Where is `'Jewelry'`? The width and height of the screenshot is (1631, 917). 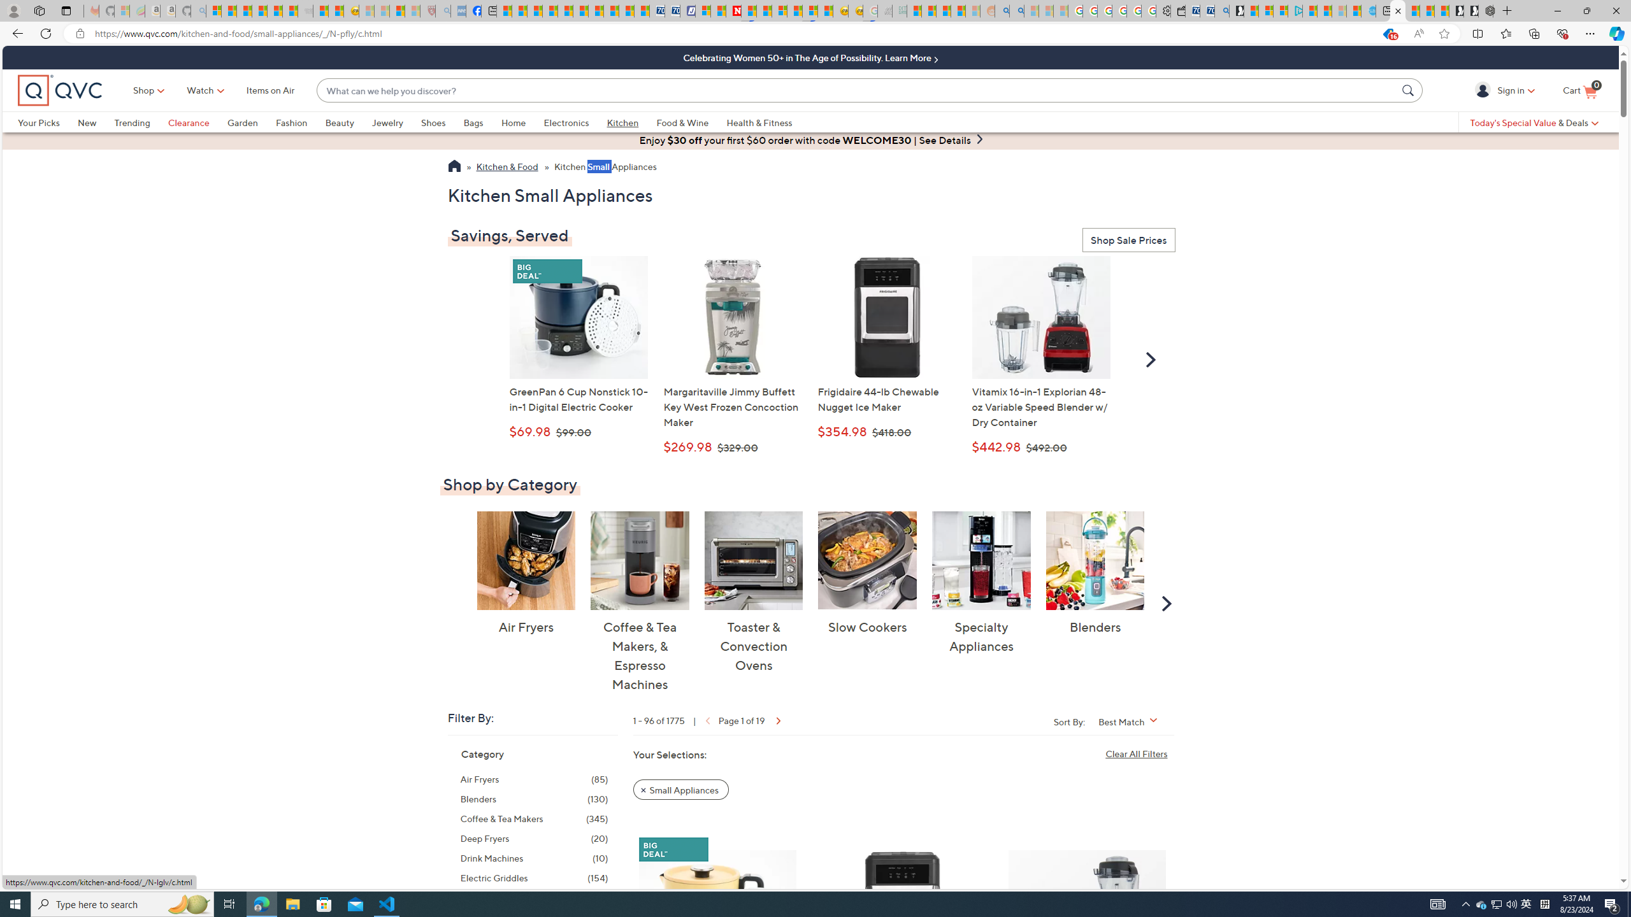
'Jewelry' is located at coordinates (396, 122).